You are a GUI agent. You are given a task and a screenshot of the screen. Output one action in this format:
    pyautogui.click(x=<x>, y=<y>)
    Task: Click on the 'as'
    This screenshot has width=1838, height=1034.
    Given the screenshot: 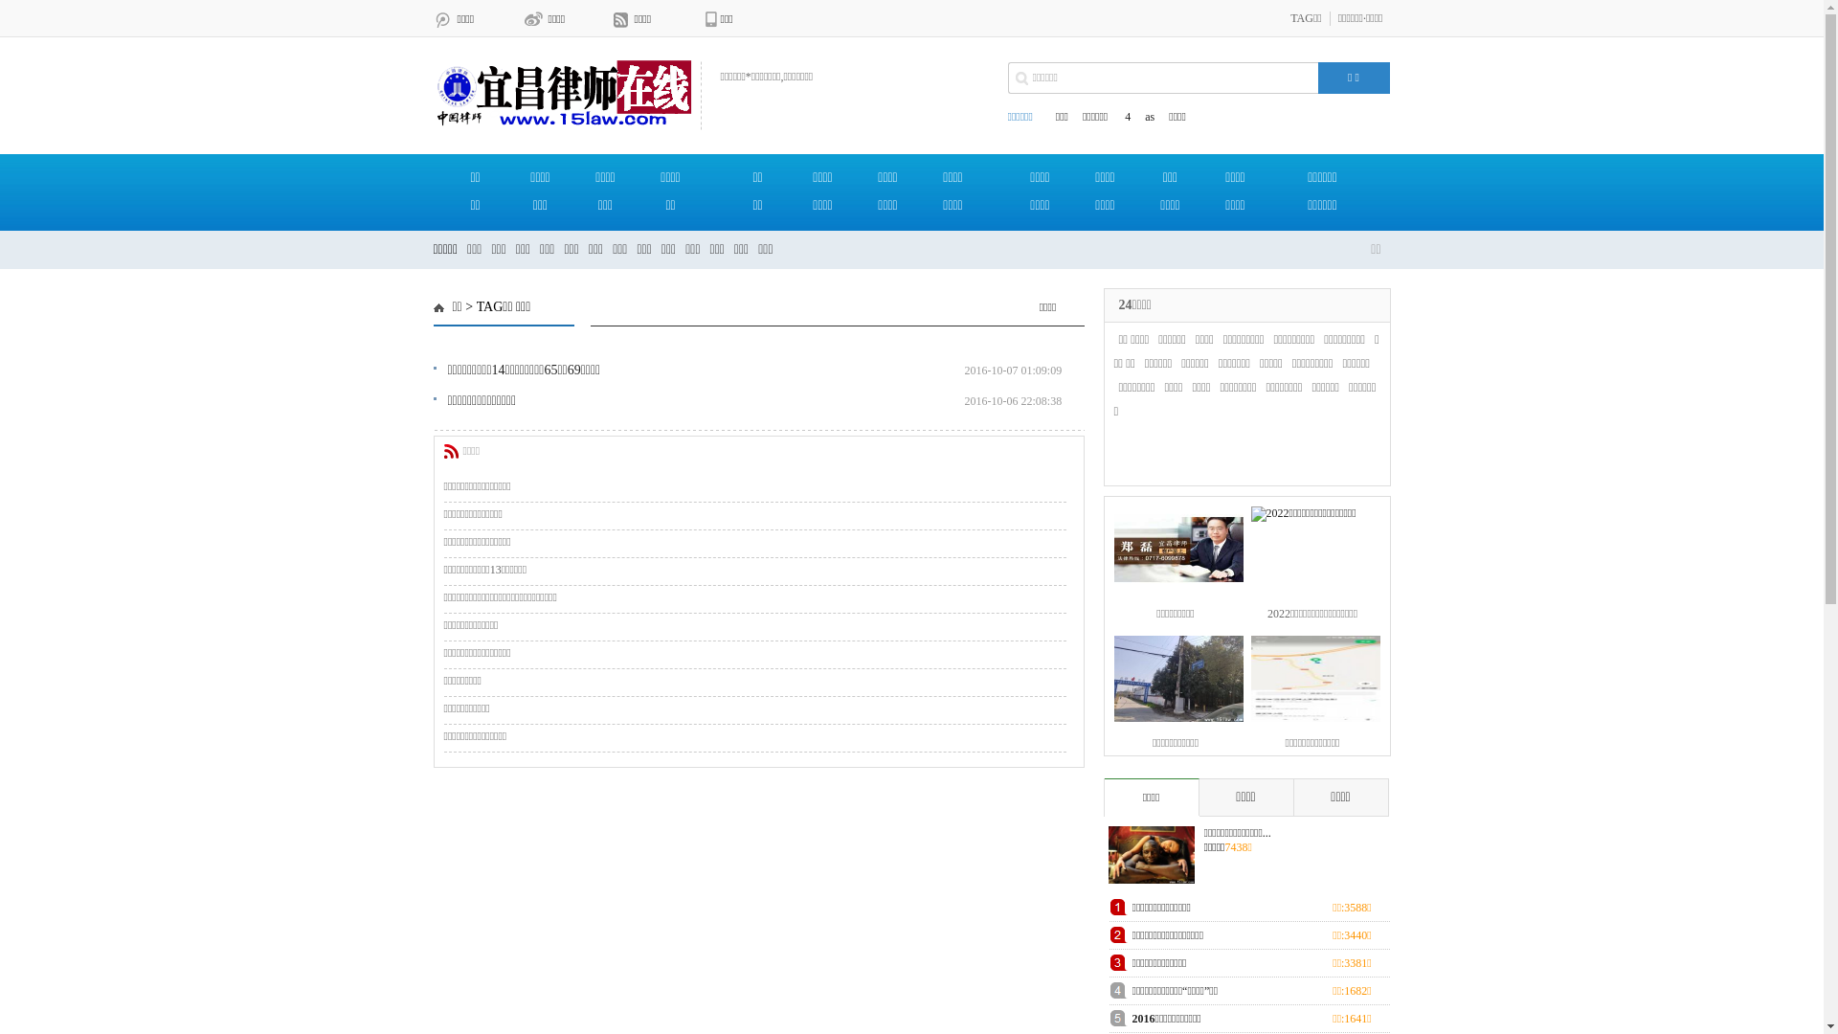 What is the action you would take?
    pyautogui.click(x=1149, y=117)
    